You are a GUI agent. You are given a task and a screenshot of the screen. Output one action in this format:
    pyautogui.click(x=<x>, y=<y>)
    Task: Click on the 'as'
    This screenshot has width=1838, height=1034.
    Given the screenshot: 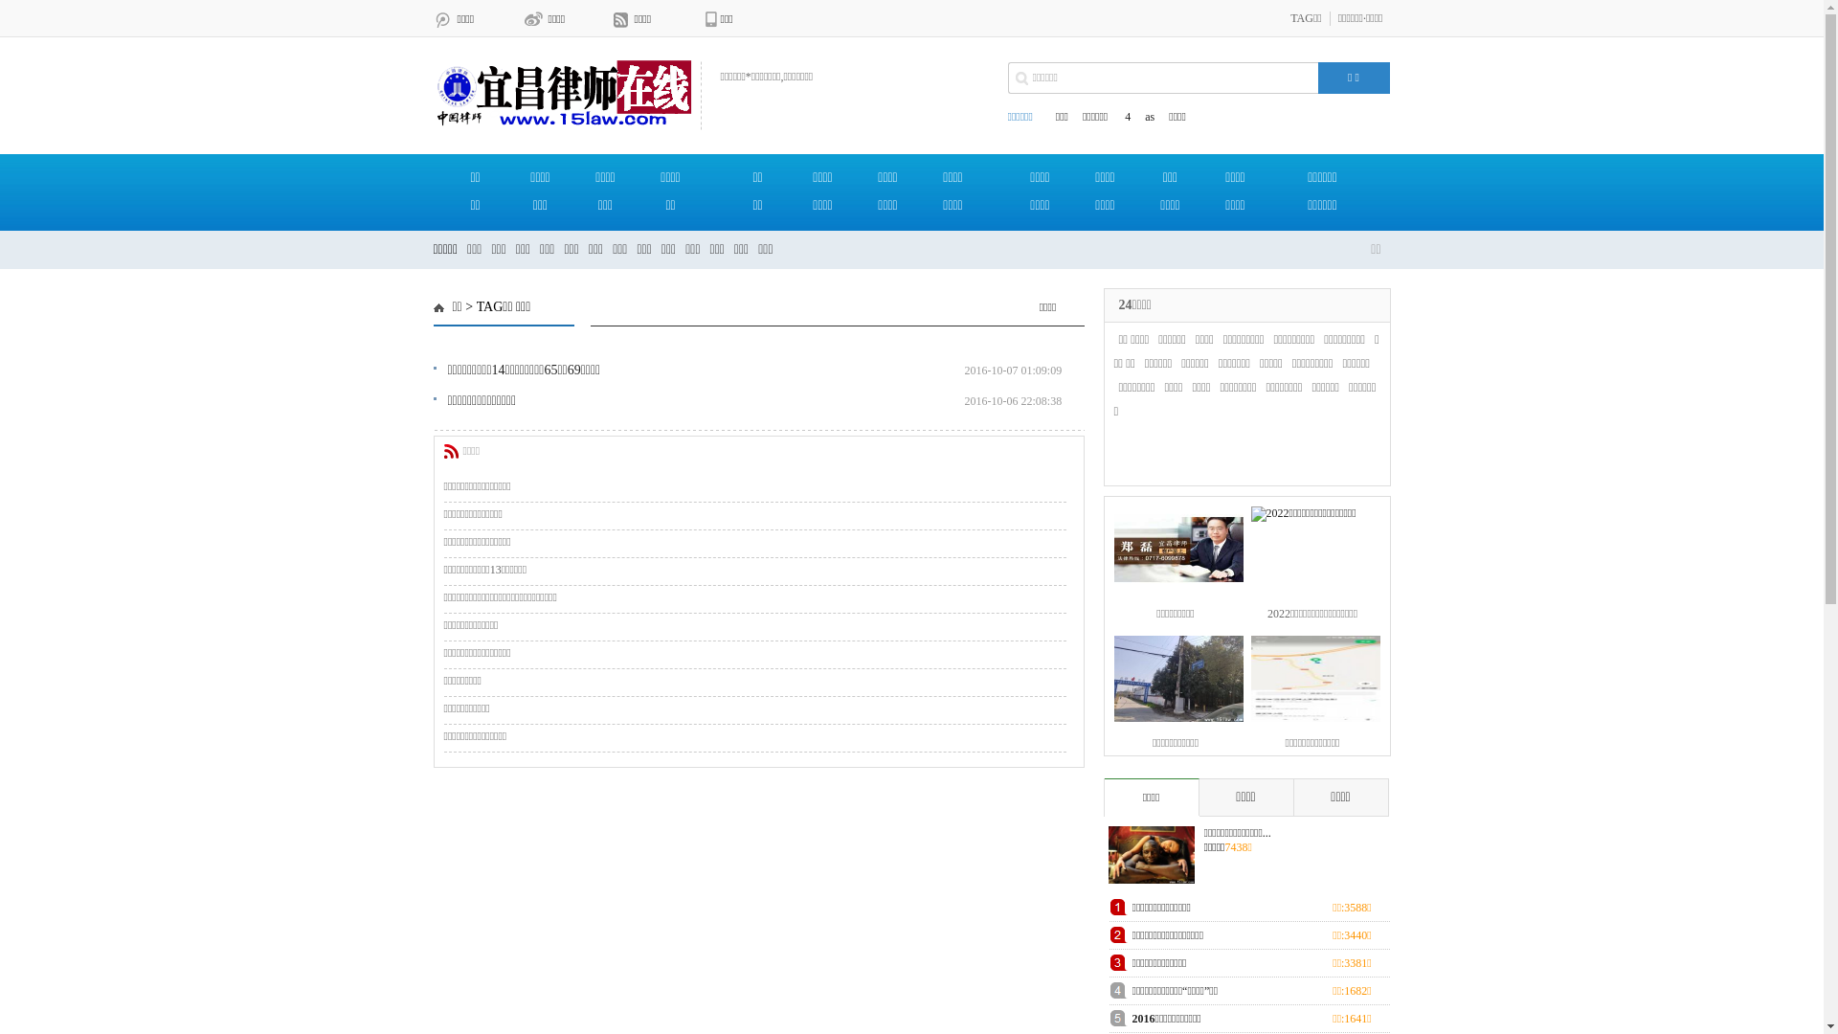 What is the action you would take?
    pyautogui.click(x=1149, y=117)
    